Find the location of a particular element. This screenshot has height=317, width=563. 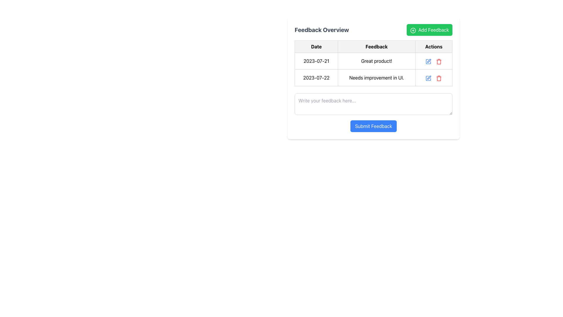

the 'Feedback Overview' text label, which is a bold, medium-large dark gray text aligned left at the top of a section containing a feedback table is located at coordinates (321, 30).